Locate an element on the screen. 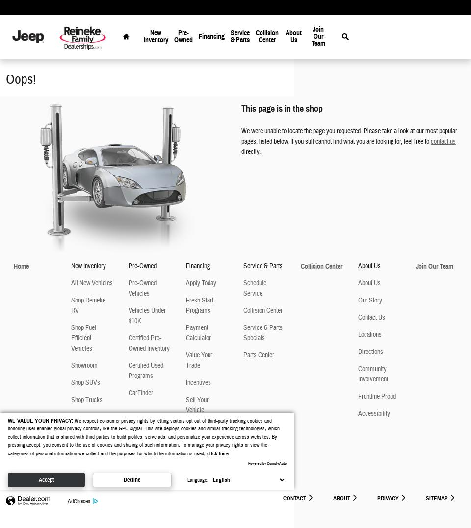 This screenshot has width=471, height=528. 'Payment Calculator' is located at coordinates (198, 332).